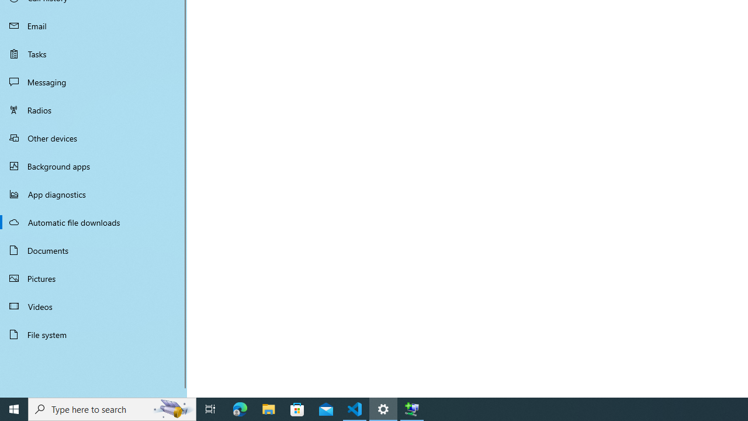  Describe the element at coordinates (93, 305) in the screenshot. I see `'Videos'` at that location.